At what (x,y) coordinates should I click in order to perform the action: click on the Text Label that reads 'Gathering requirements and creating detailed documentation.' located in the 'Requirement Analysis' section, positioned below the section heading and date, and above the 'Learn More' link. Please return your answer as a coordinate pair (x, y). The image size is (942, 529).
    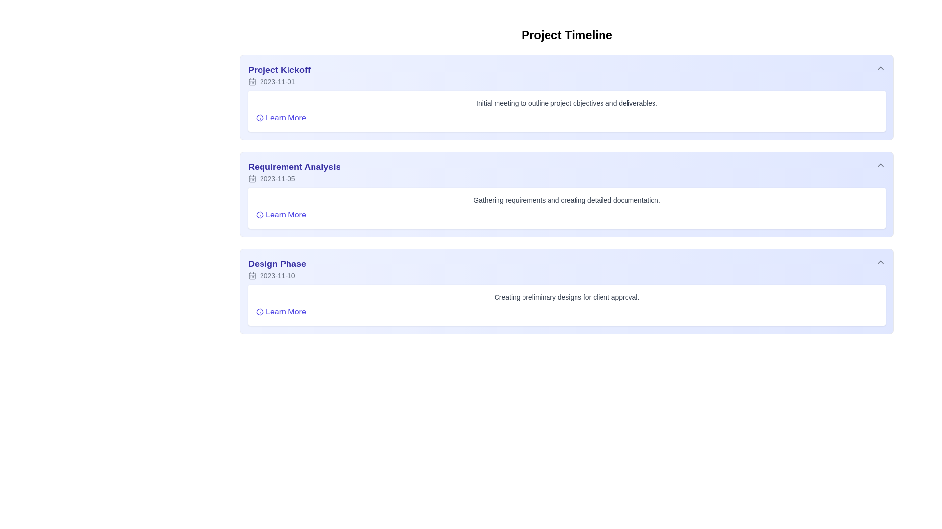
    Looking at the image, I should click on (567, 199).